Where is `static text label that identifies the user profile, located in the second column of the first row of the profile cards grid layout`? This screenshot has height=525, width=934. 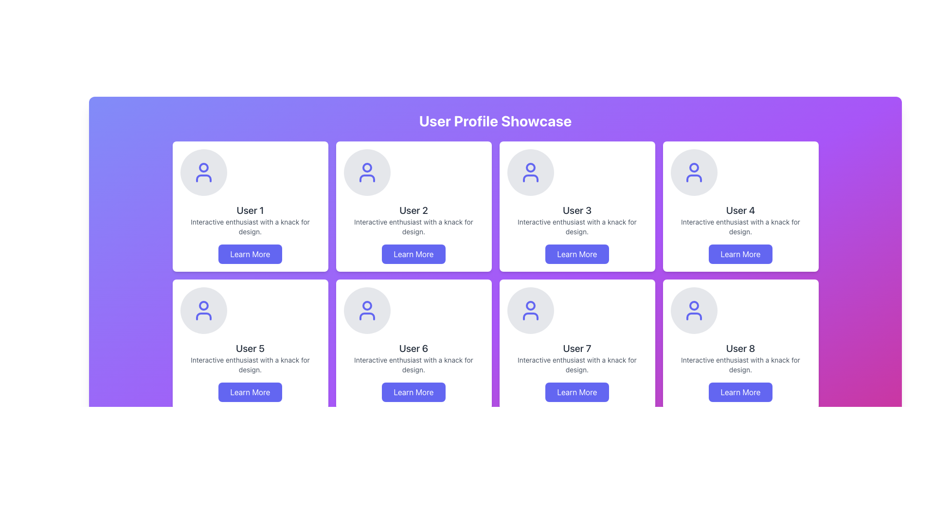
static text label that identifies the user profile, located in the second column of the first row of the profile cards grid layout is located at coordinates (413, 210).